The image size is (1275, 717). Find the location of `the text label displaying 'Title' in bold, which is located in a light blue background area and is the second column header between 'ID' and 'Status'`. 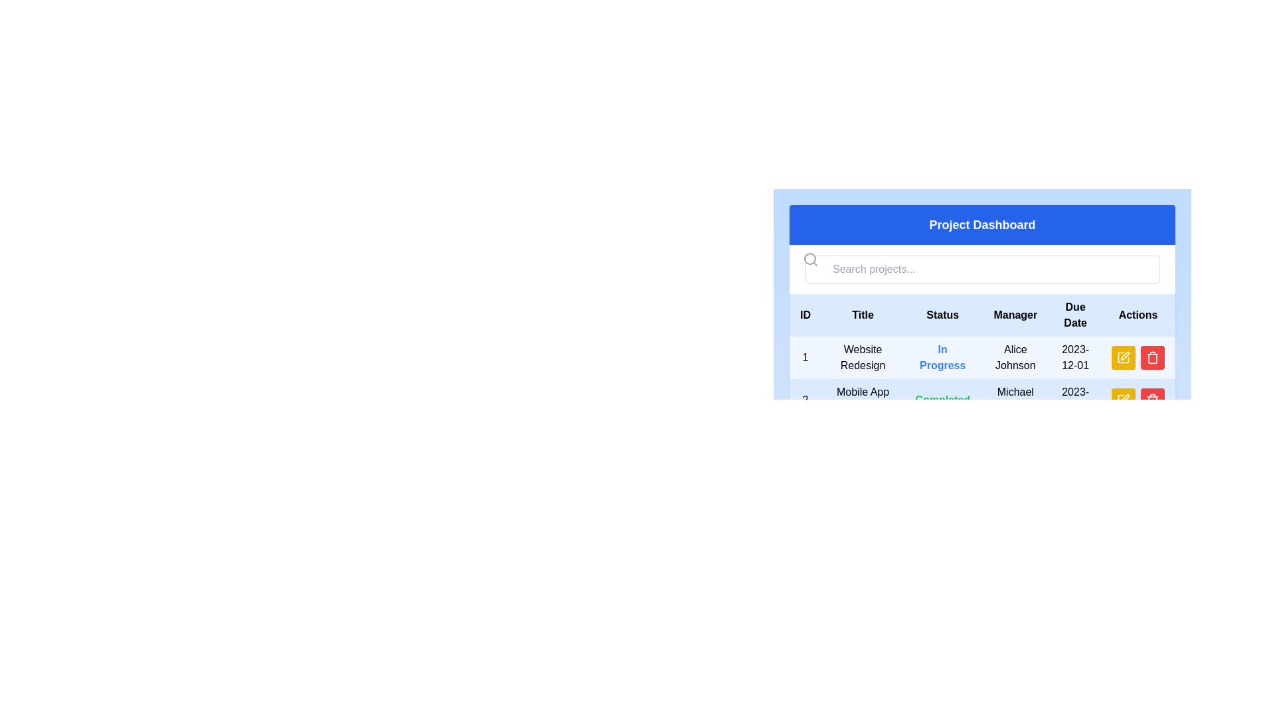

the text label displaying 'Title' in bold, which is located in a light blue background area and is the second column header between 'ID' and 'Status' is located at coordinates (863, 315).